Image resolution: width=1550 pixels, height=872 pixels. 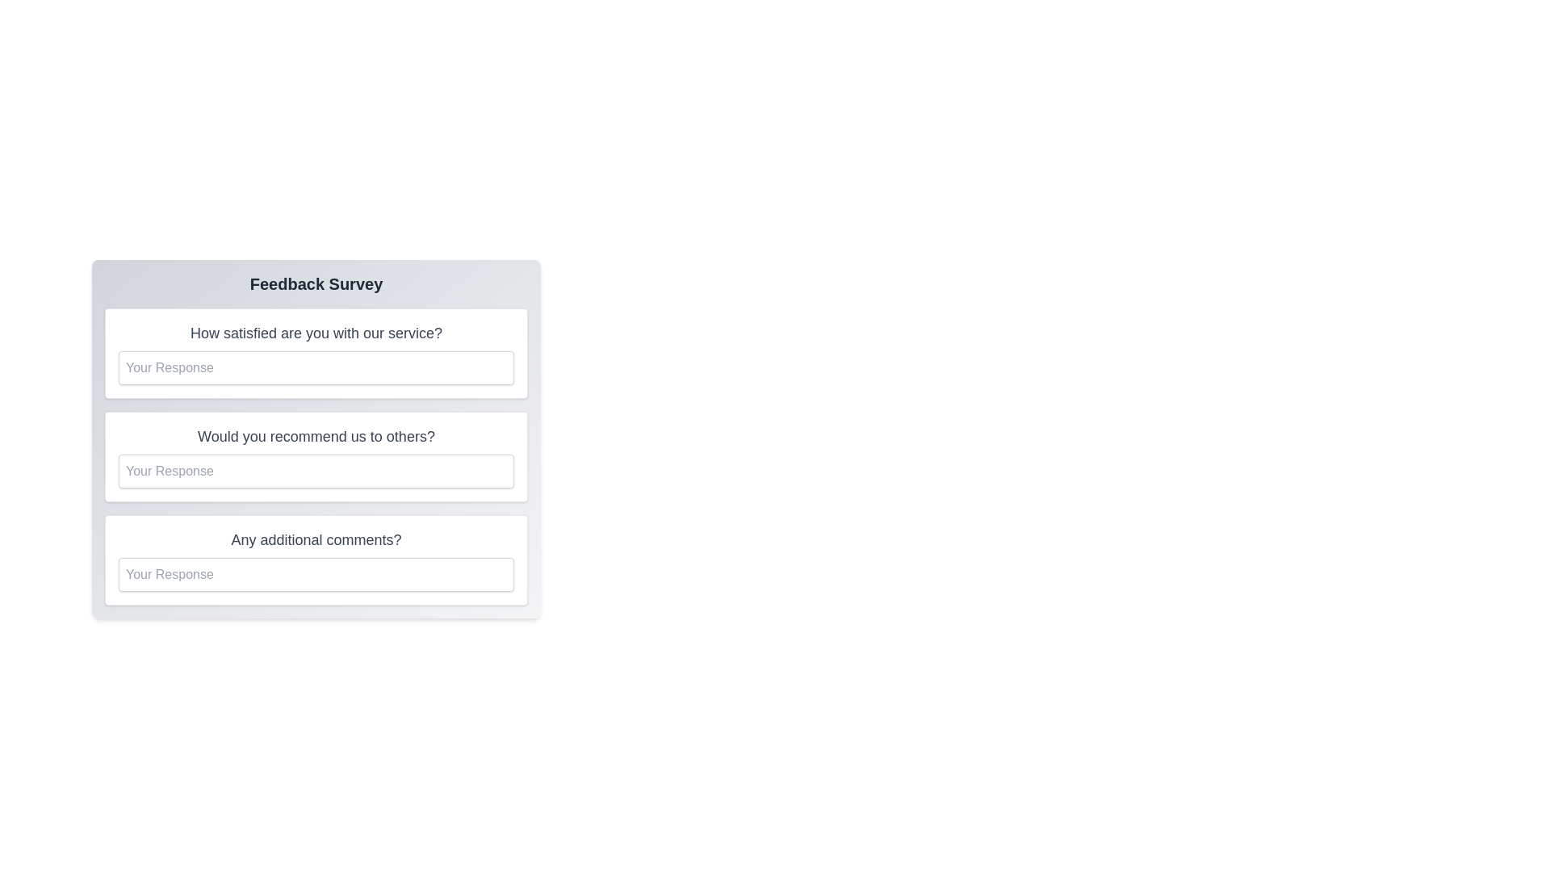 I want to click on the text input field for Any additional comments?, so click(x=316, y=574).